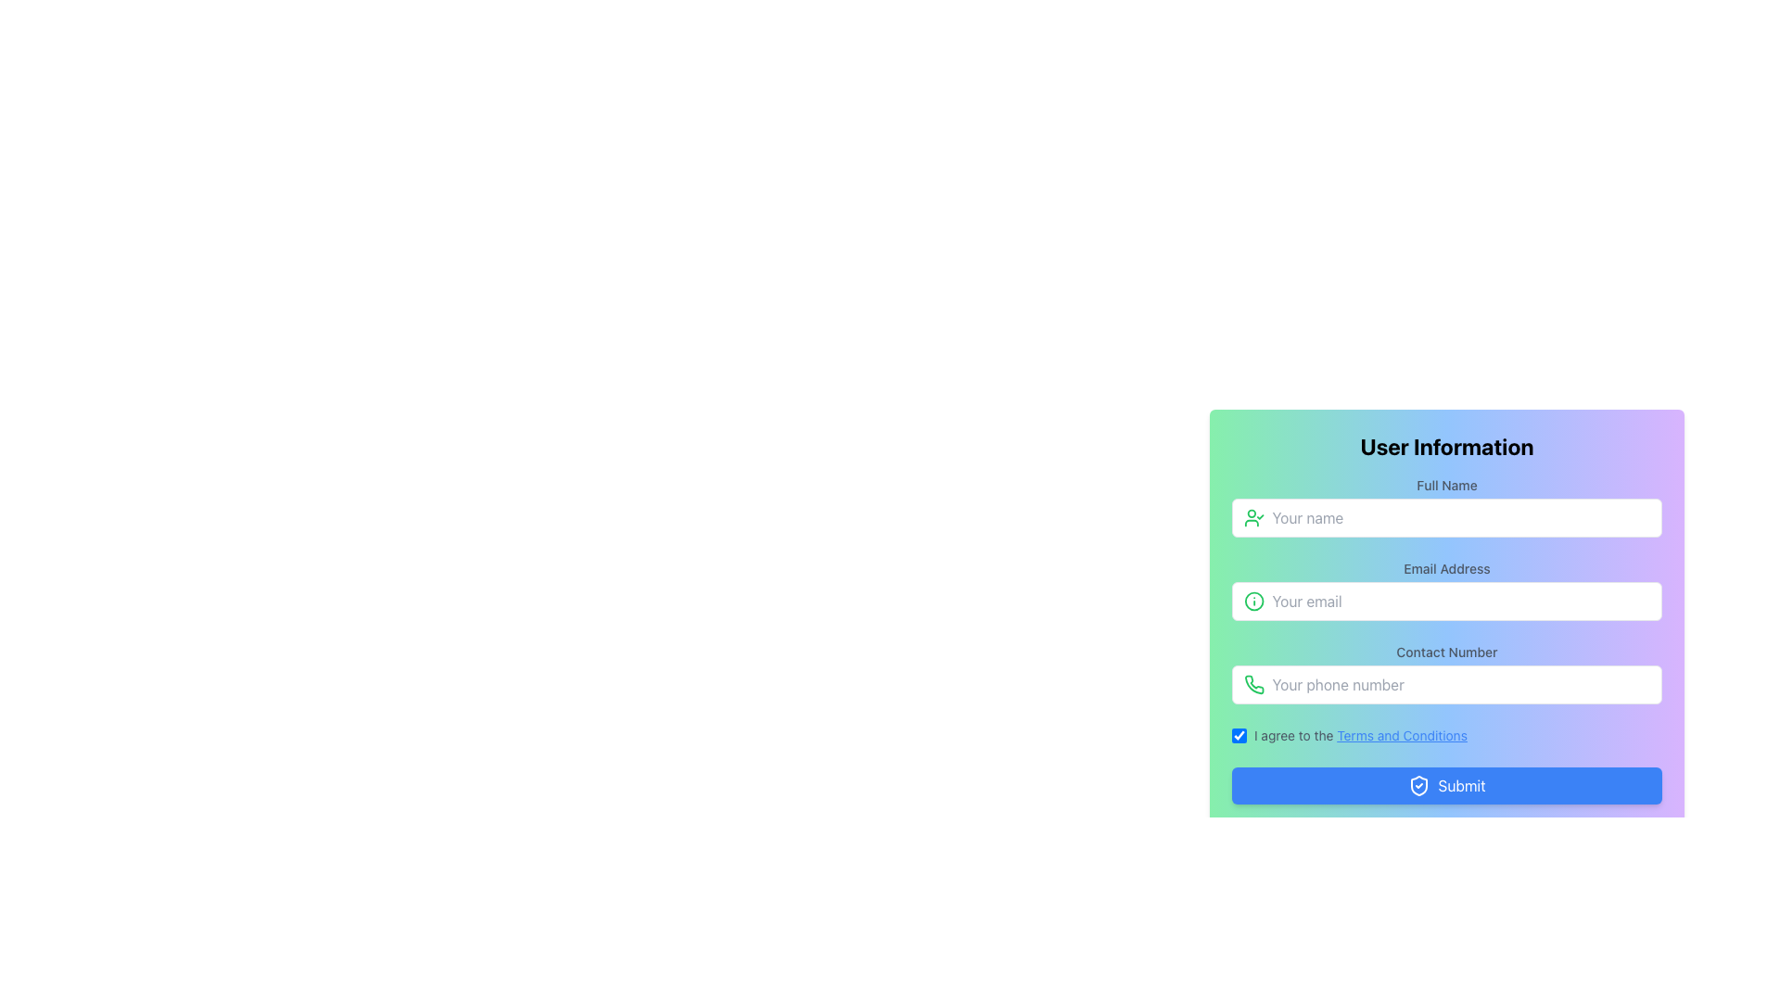  What do you see at coordinates (1445, 639) in the screenshot?
I see `the 'Contact Number' text input field` at bounding box center [1445, 639].